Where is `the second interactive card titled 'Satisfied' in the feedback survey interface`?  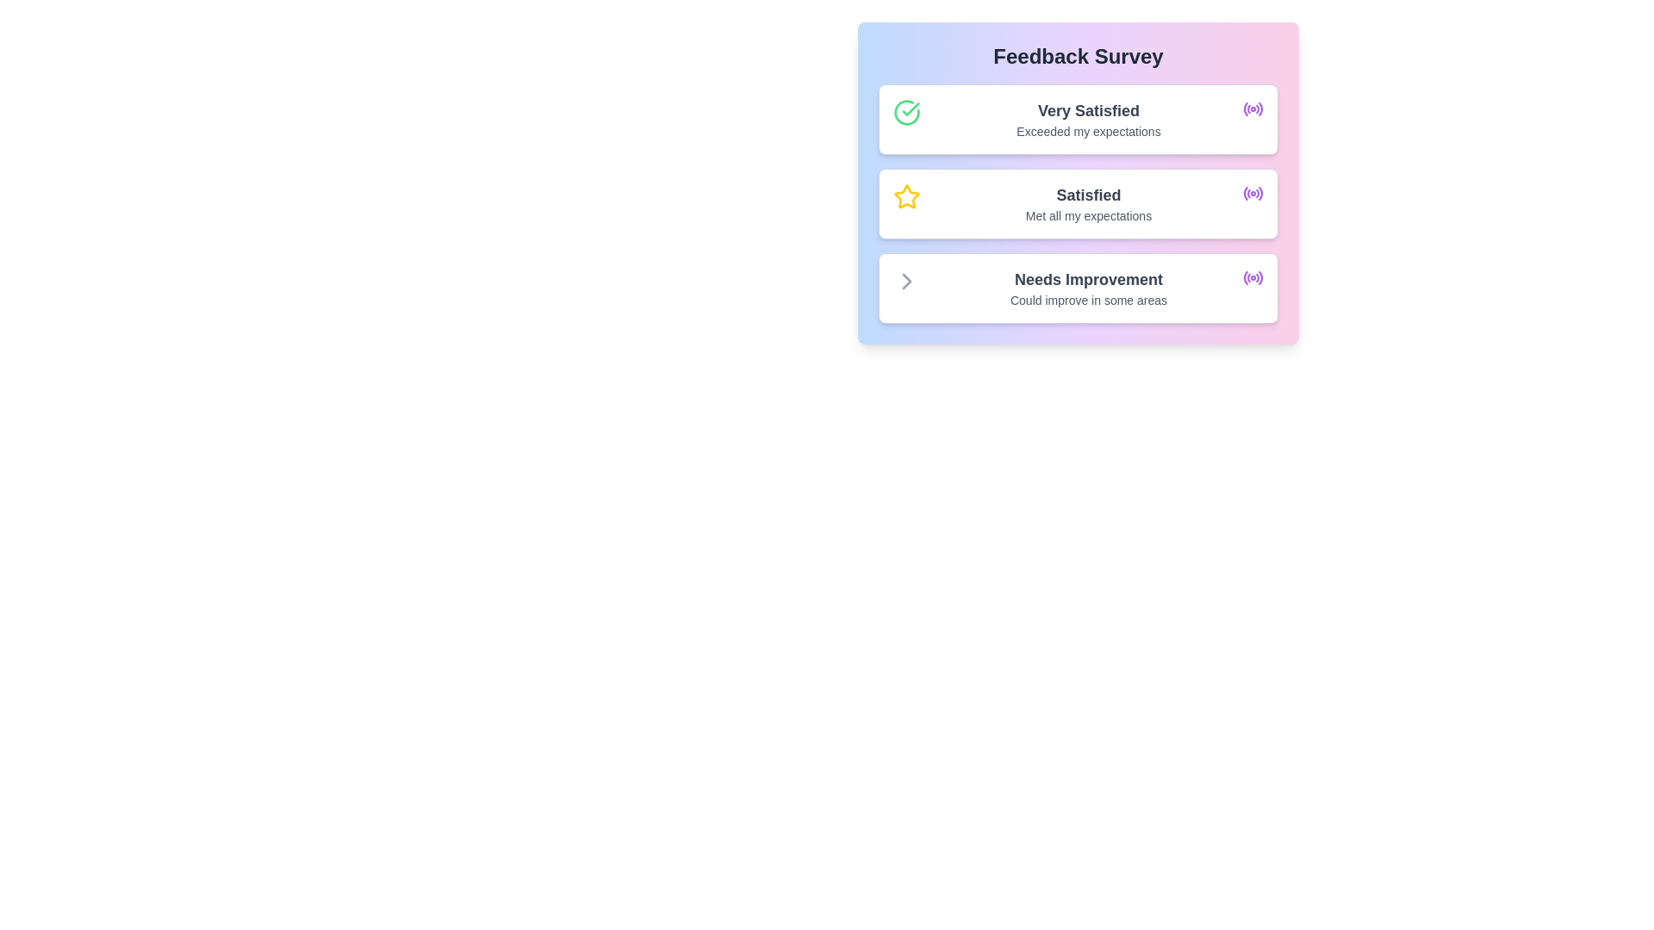
the second interactive card titled 'Satisfied' in the feedback survey interface is located at coordinates (1078, 183).